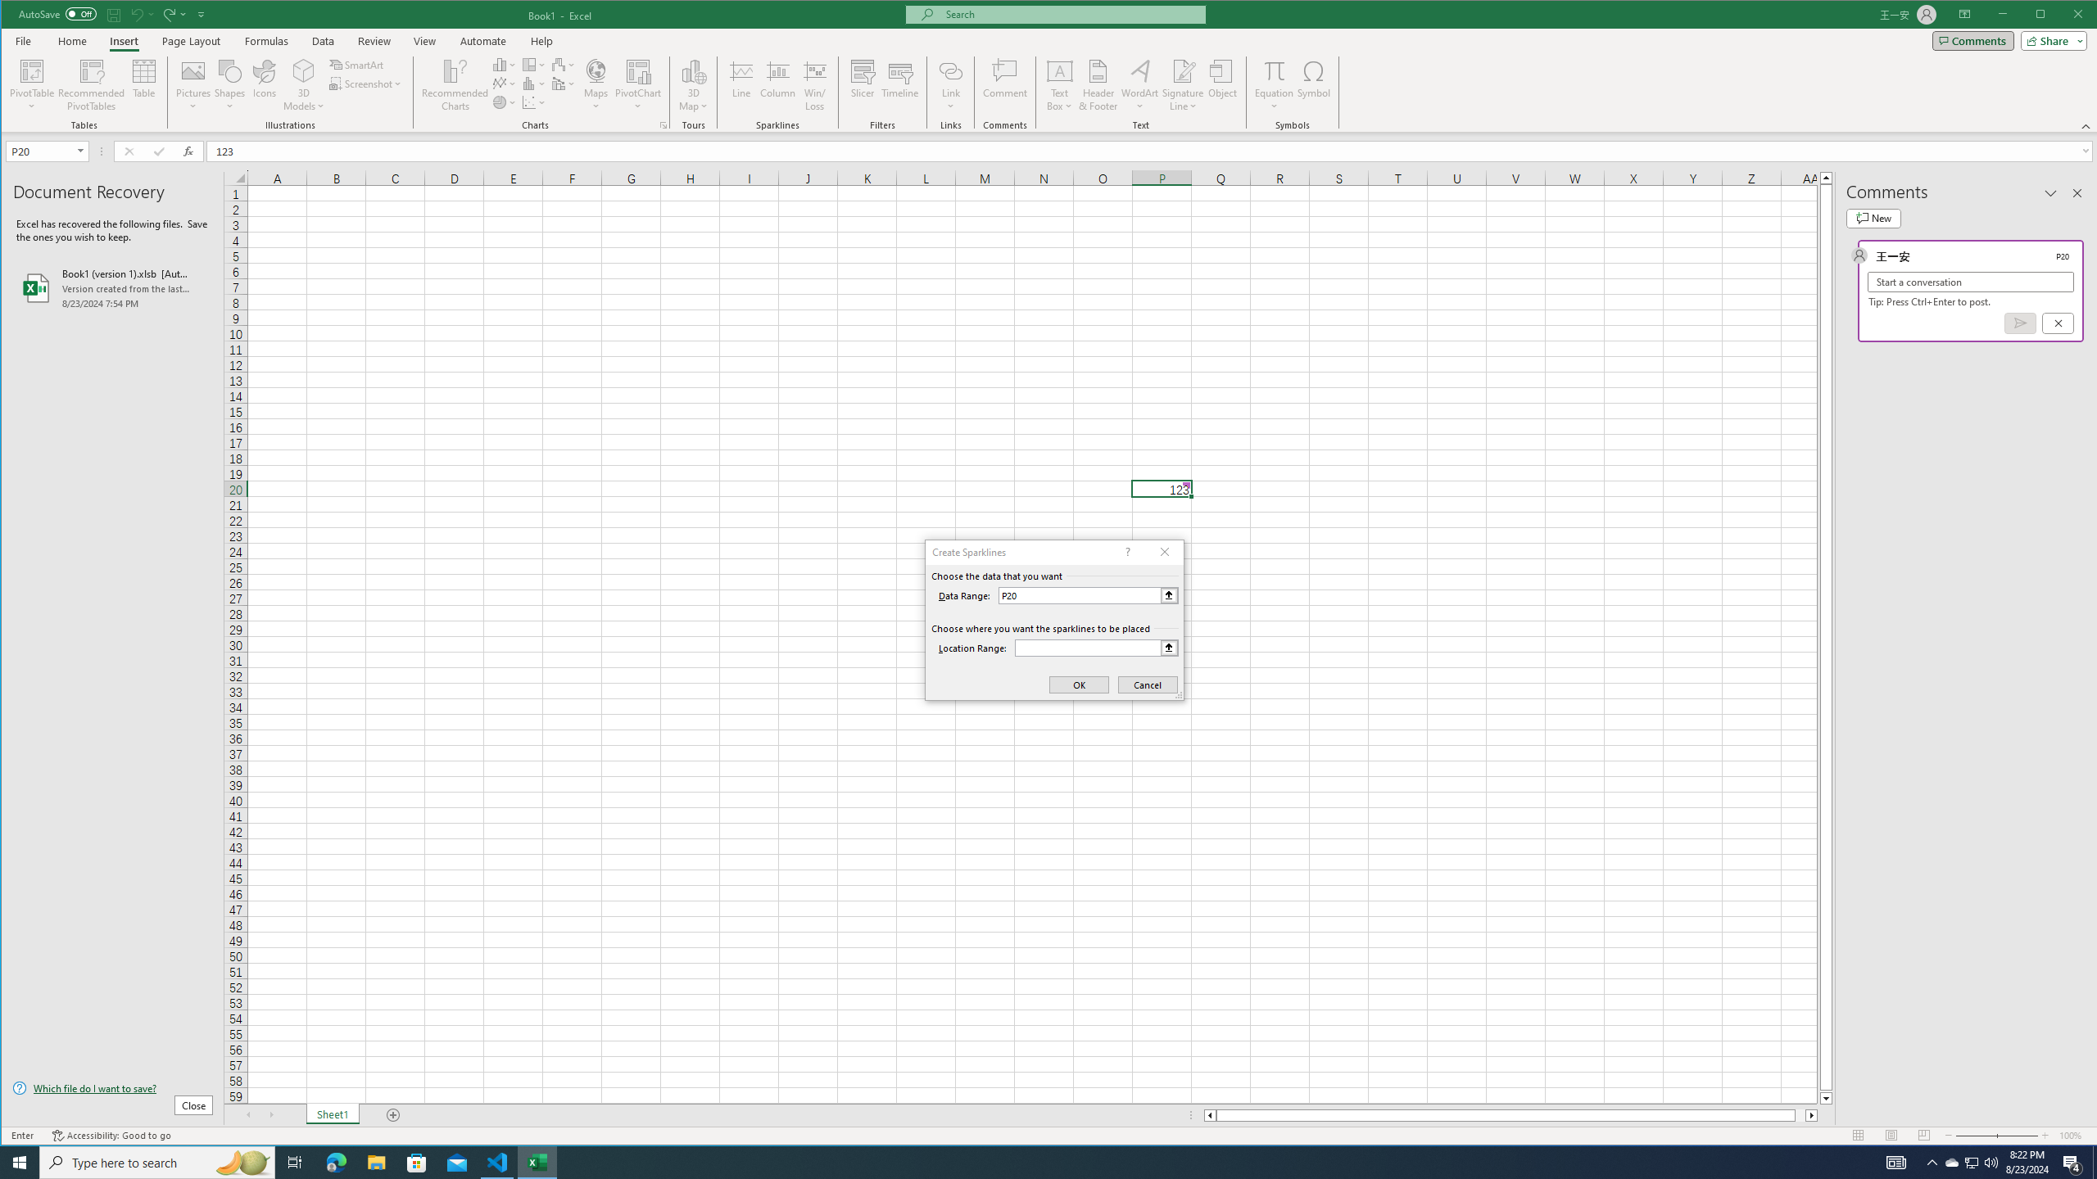  Describe the element at coordinates (534, 102) in the screenshot. I see `'Insert Scatter (X, Y) or Bubble Chart'` at that location.